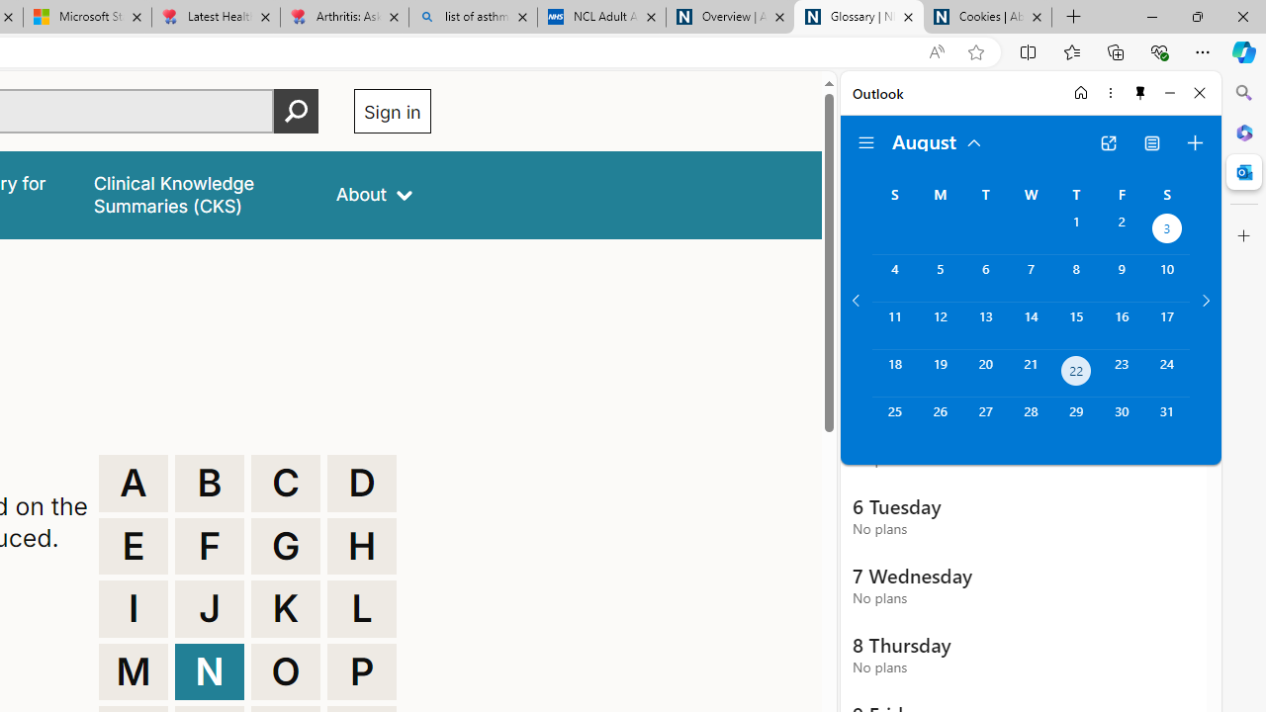  What do you see at coordinates (1140, 92) in the screenshot?
I see `'Unpin side pane'` at bounding box center [1140, 92].